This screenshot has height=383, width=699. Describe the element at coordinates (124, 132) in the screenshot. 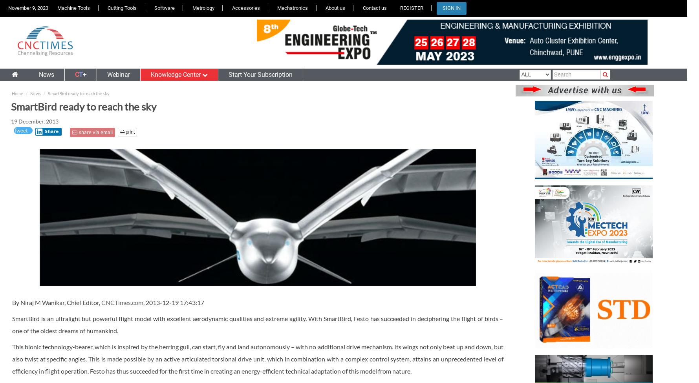

I see `'print'` at that location.